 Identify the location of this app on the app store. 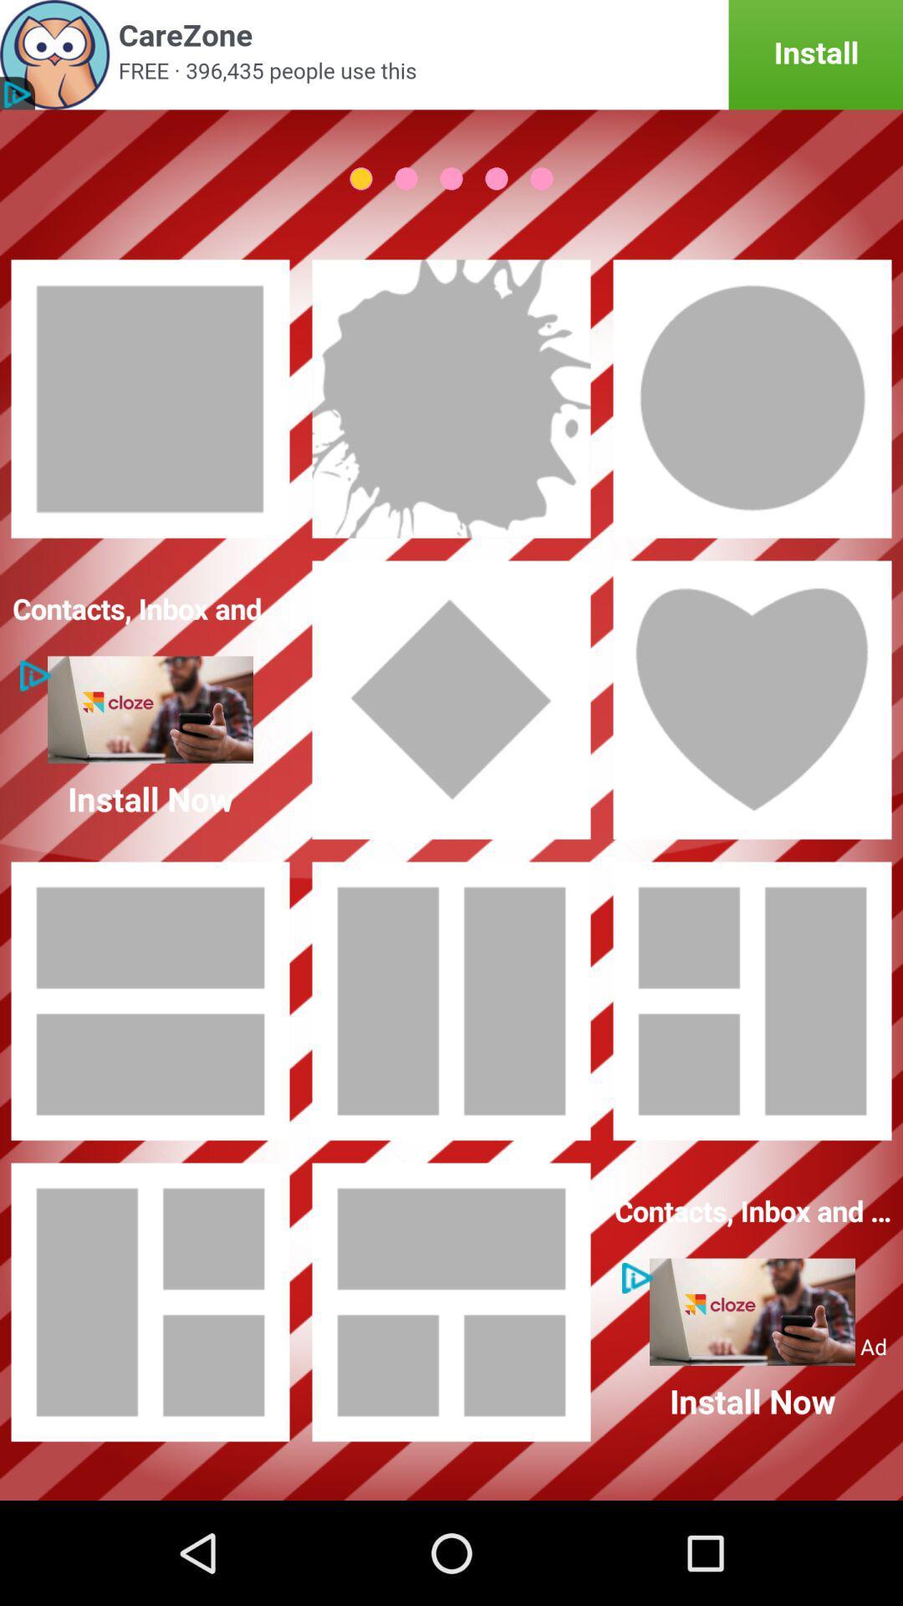
(451, 54).